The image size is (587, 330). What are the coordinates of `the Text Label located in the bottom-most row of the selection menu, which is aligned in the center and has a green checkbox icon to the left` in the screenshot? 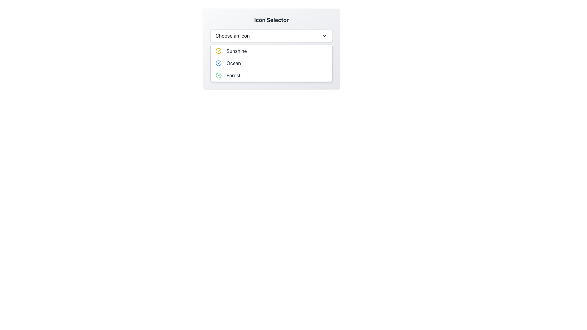 It's located at (233, 75).